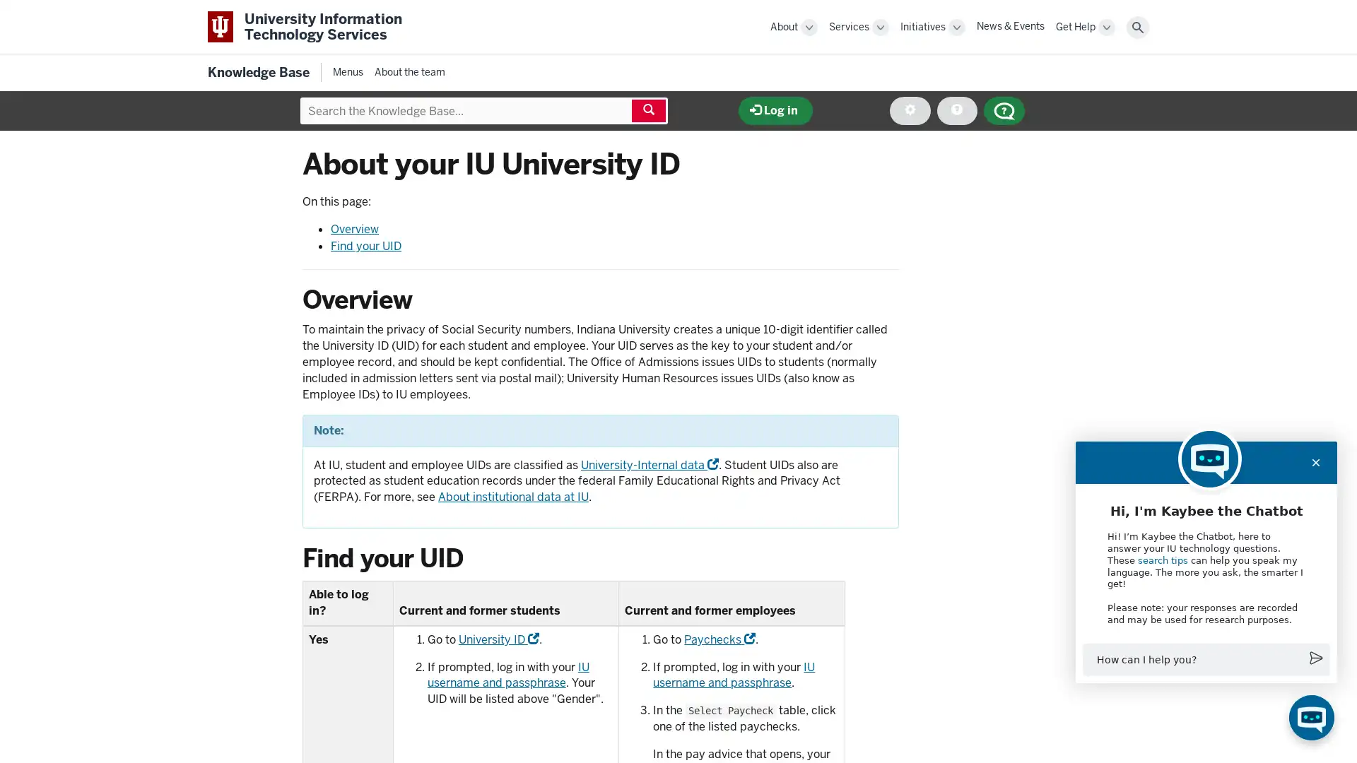 Image resolution: width=1357 pixels, height=763 pixels. Describe the element at coordinates (647, 110) in the screenshot. I see `Search` at that location.